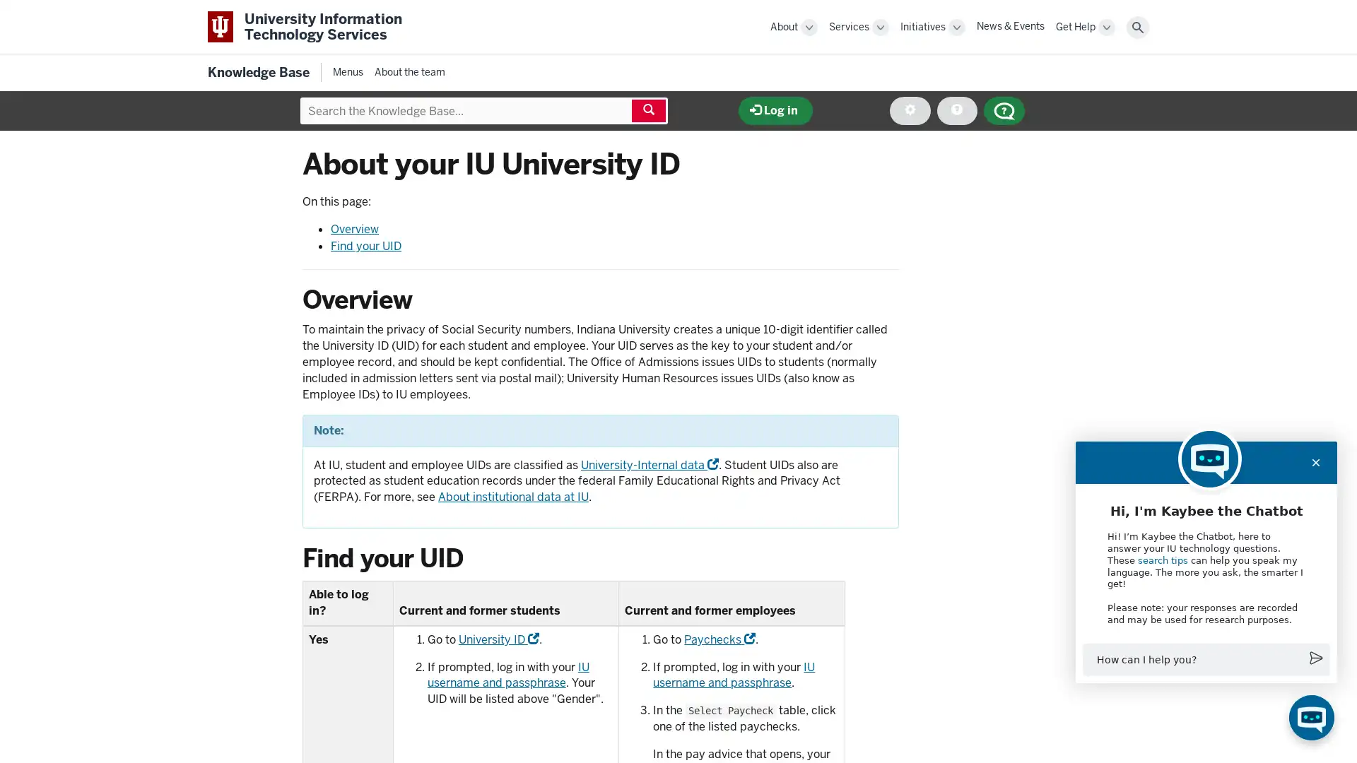 Image resolution: width=1357 pixels, height=763 pixels. Describe the element at coordinates (647, 110) in the screenshot. I see `Search` at that location.